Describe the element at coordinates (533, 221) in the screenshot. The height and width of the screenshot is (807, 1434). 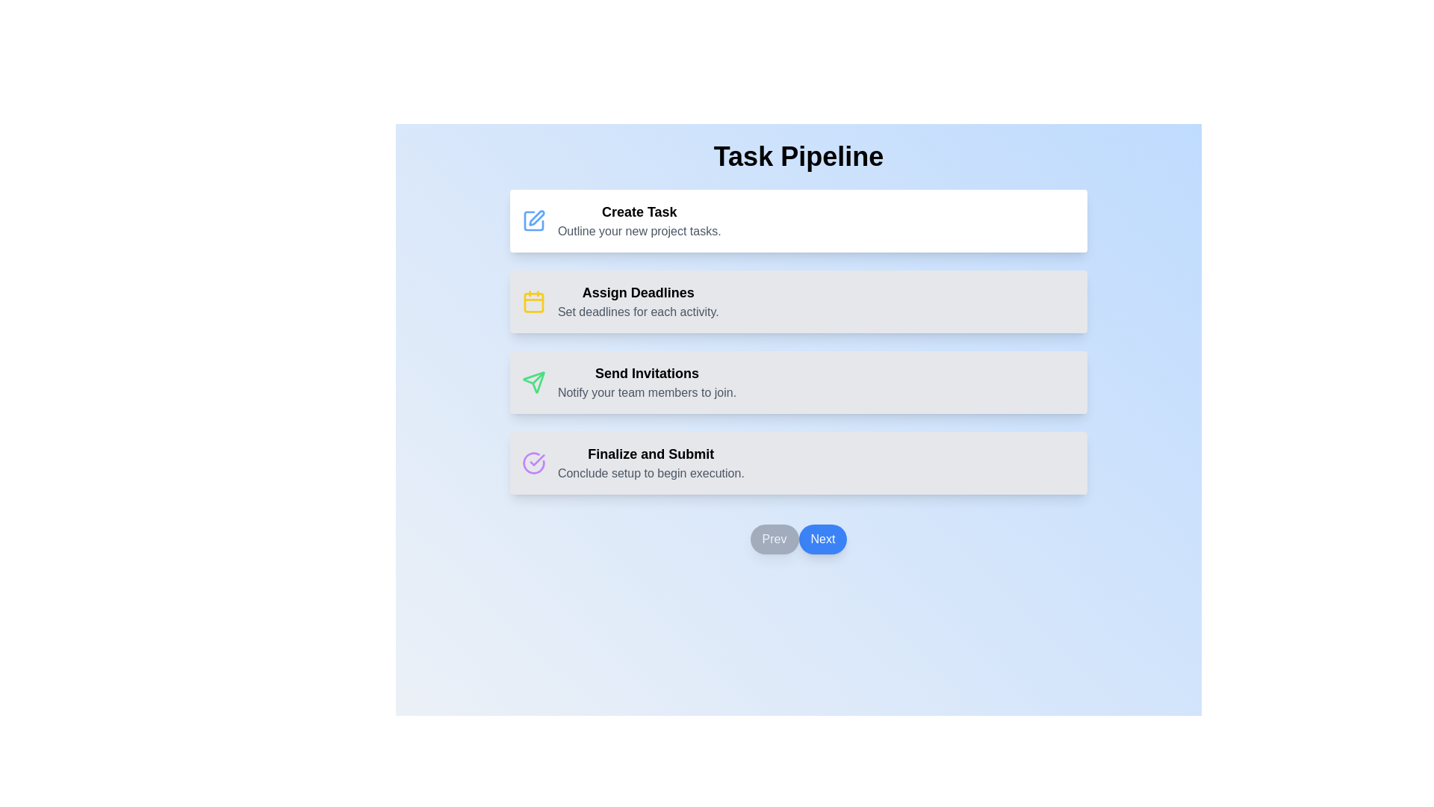
I see `the icon located in the top-left corner of the white card containing the 'Create Task' heading, which is the first entry of a vertical group of options` at that location.